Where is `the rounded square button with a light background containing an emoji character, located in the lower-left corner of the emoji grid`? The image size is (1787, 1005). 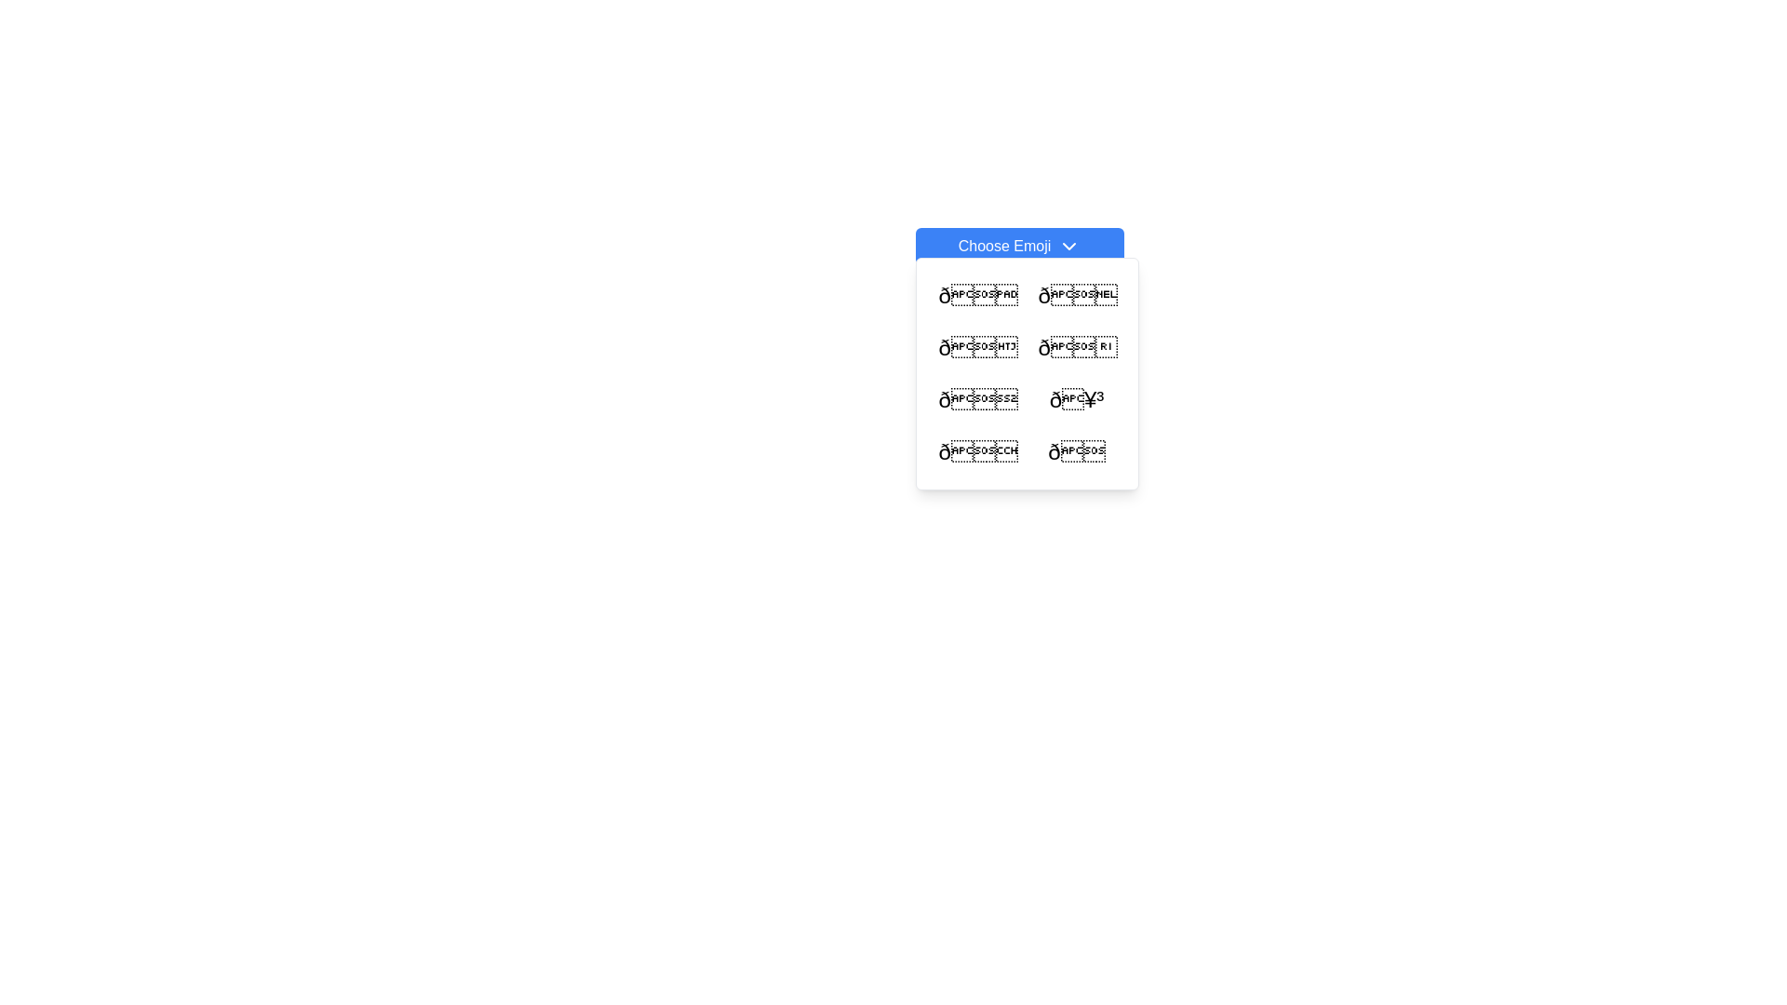
the rounded square button with a light background containing an emoji character, located in the lower-left corner of the emoji grid is located at coordinates (976, 452).